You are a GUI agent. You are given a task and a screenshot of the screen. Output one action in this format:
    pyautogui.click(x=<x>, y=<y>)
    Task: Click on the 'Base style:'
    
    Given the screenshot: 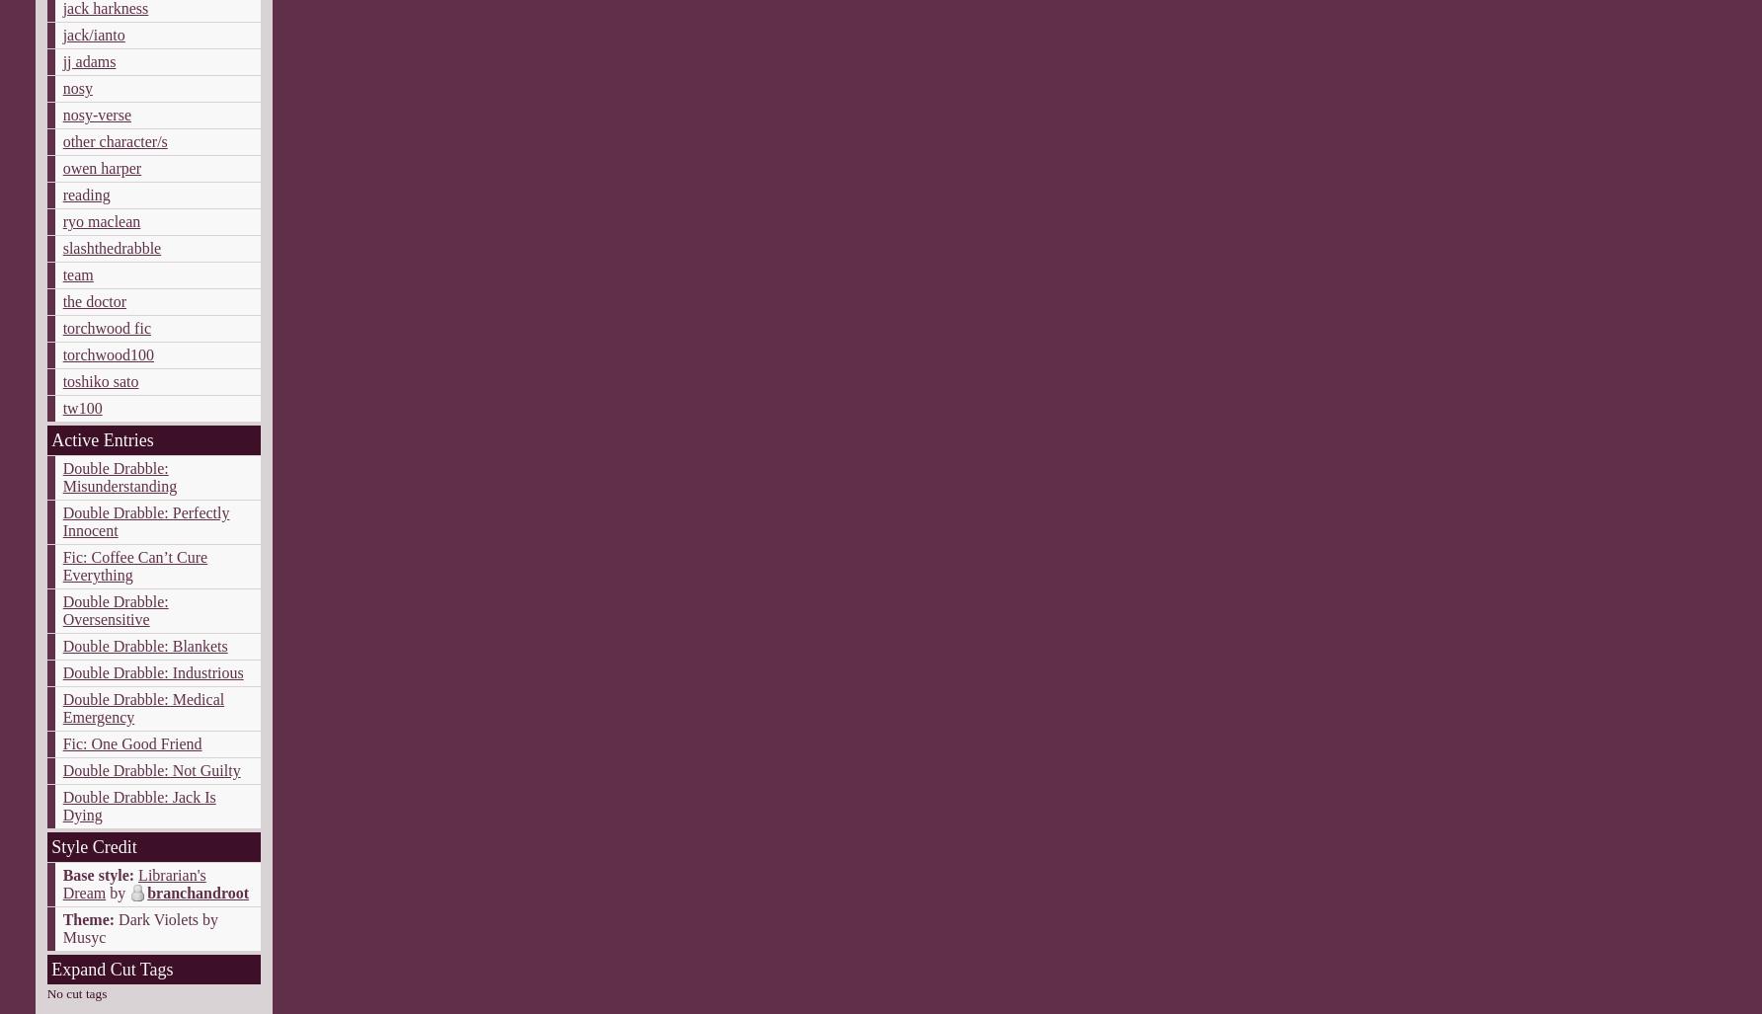 What is the action you would take?
    pyautogui.click(x=98, y=874)
    